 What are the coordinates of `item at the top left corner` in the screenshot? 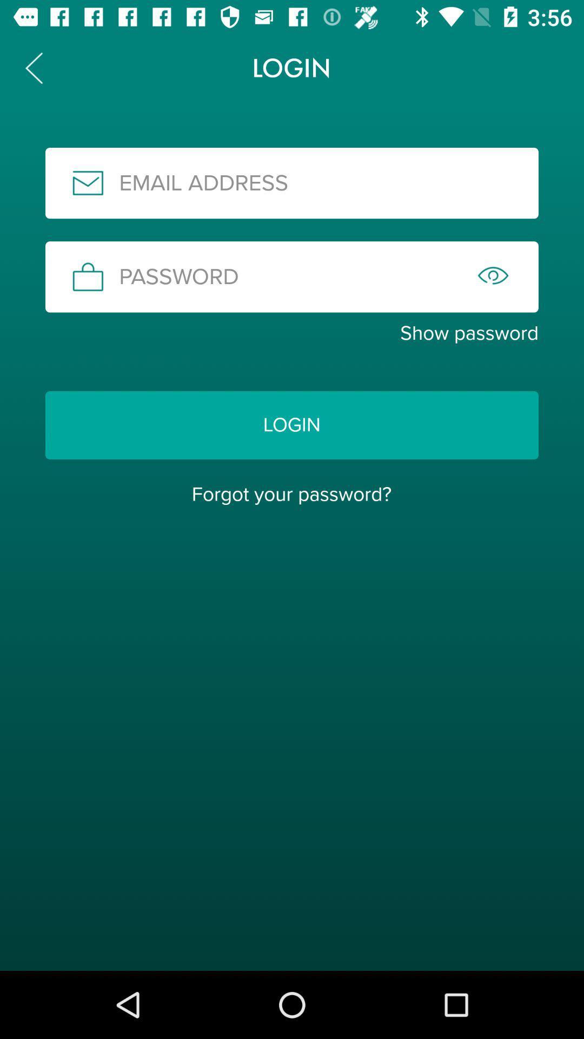 It's located at (33, 67).